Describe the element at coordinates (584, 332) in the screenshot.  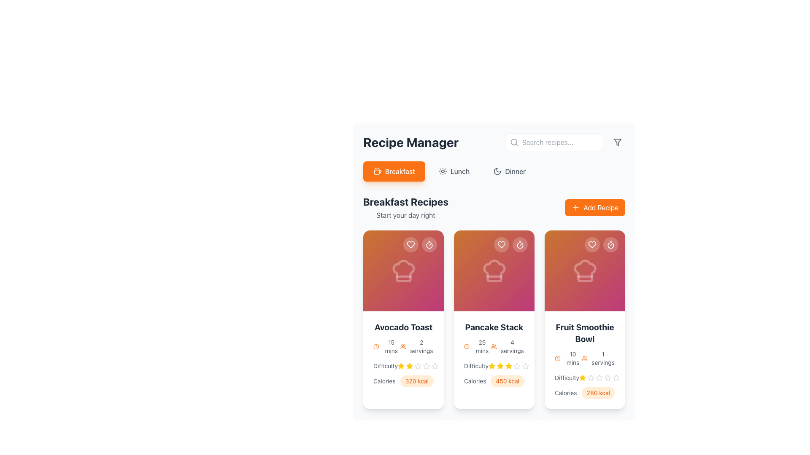
I see `the text label displaying 'Fruit Smoothie Bowl'` at that location.